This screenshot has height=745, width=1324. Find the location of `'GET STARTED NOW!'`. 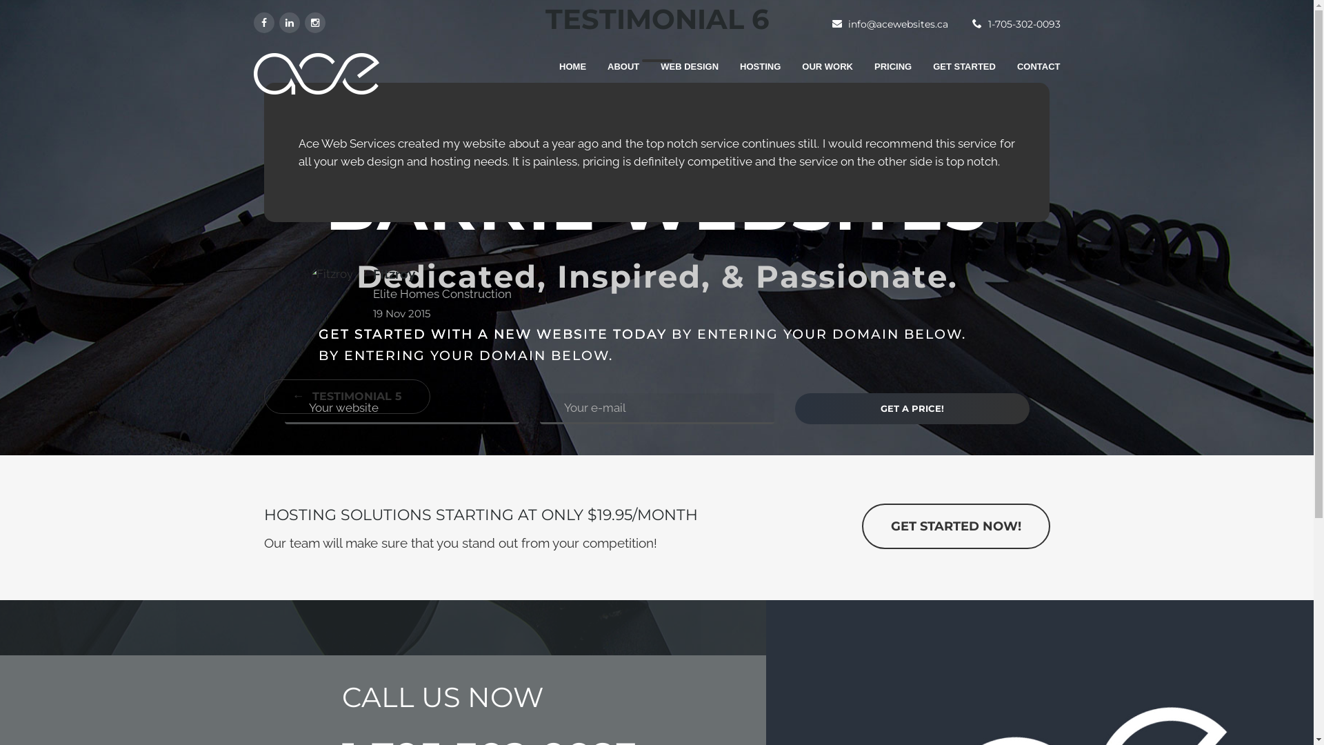

'GET STARTED NOW!' is located at coordinates (955, 526).